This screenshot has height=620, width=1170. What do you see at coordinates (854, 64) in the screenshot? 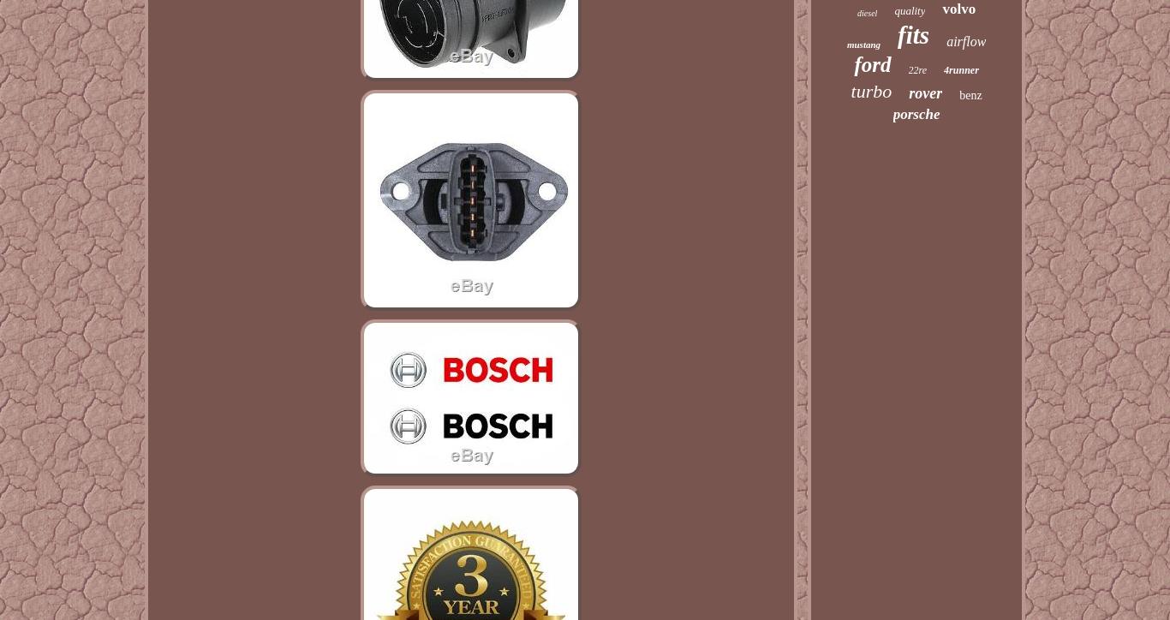
I see `'ford'` at bounding box center [854, 64].